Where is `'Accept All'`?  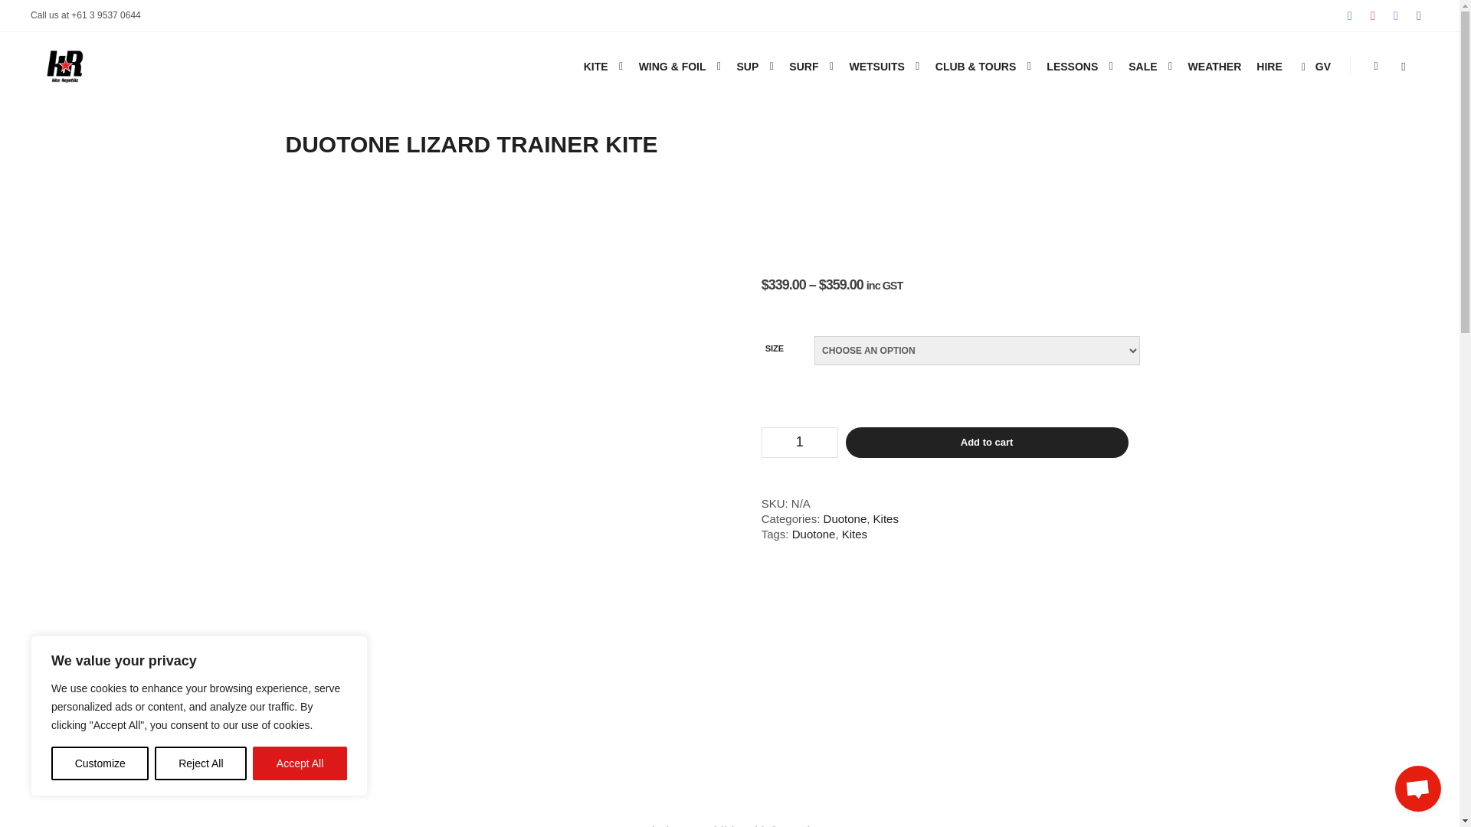
'Accept All' is located at coordinates (300, 763).